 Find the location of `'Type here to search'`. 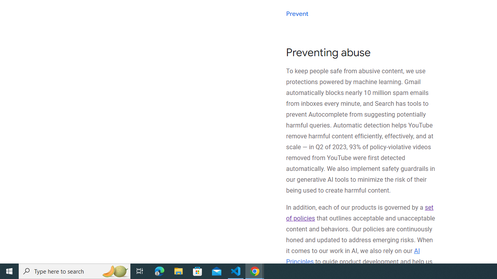

'Type here to search' is located at coordinates (75, 270).